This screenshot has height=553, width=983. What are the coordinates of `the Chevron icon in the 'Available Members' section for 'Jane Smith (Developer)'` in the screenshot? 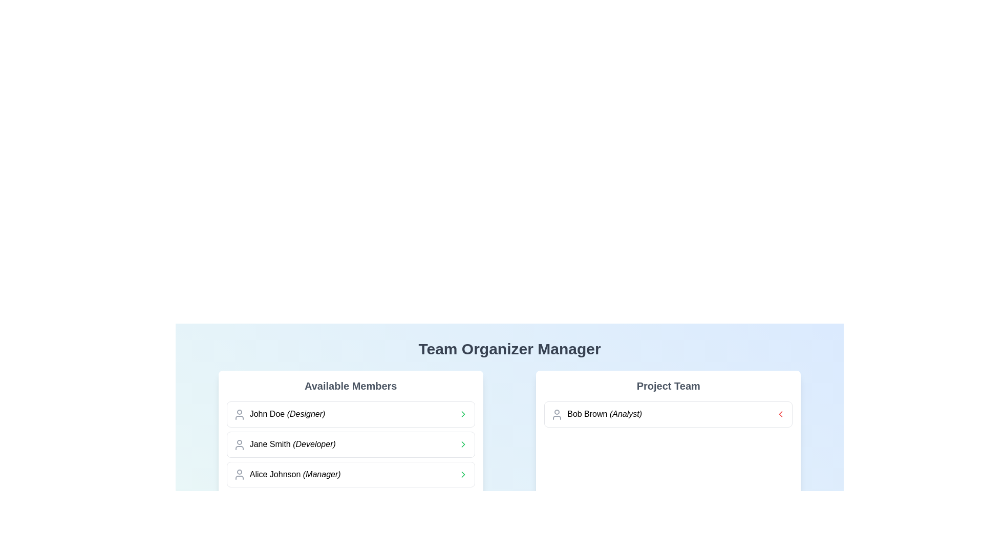 It's located at (462, 474).